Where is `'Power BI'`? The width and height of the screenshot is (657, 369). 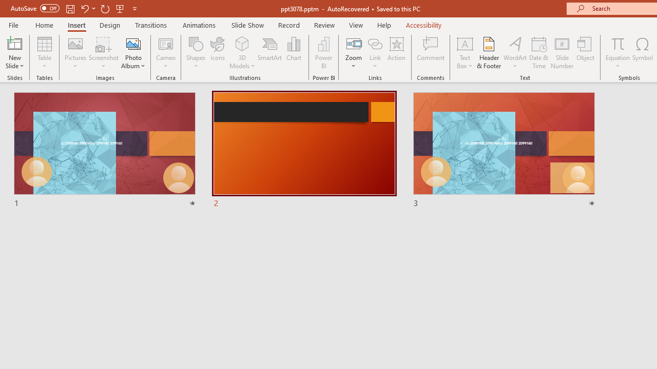
'Power BI' is located at coordinates (323, 53).